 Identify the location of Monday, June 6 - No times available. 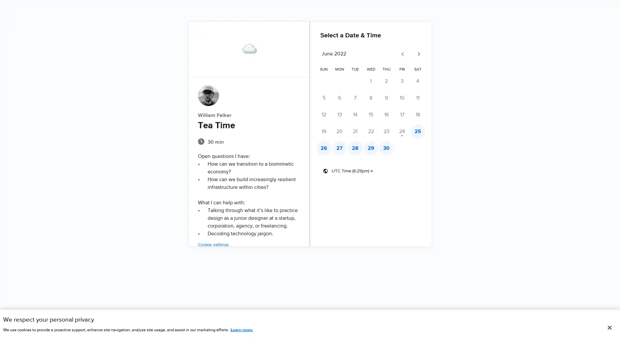
(341, 98).